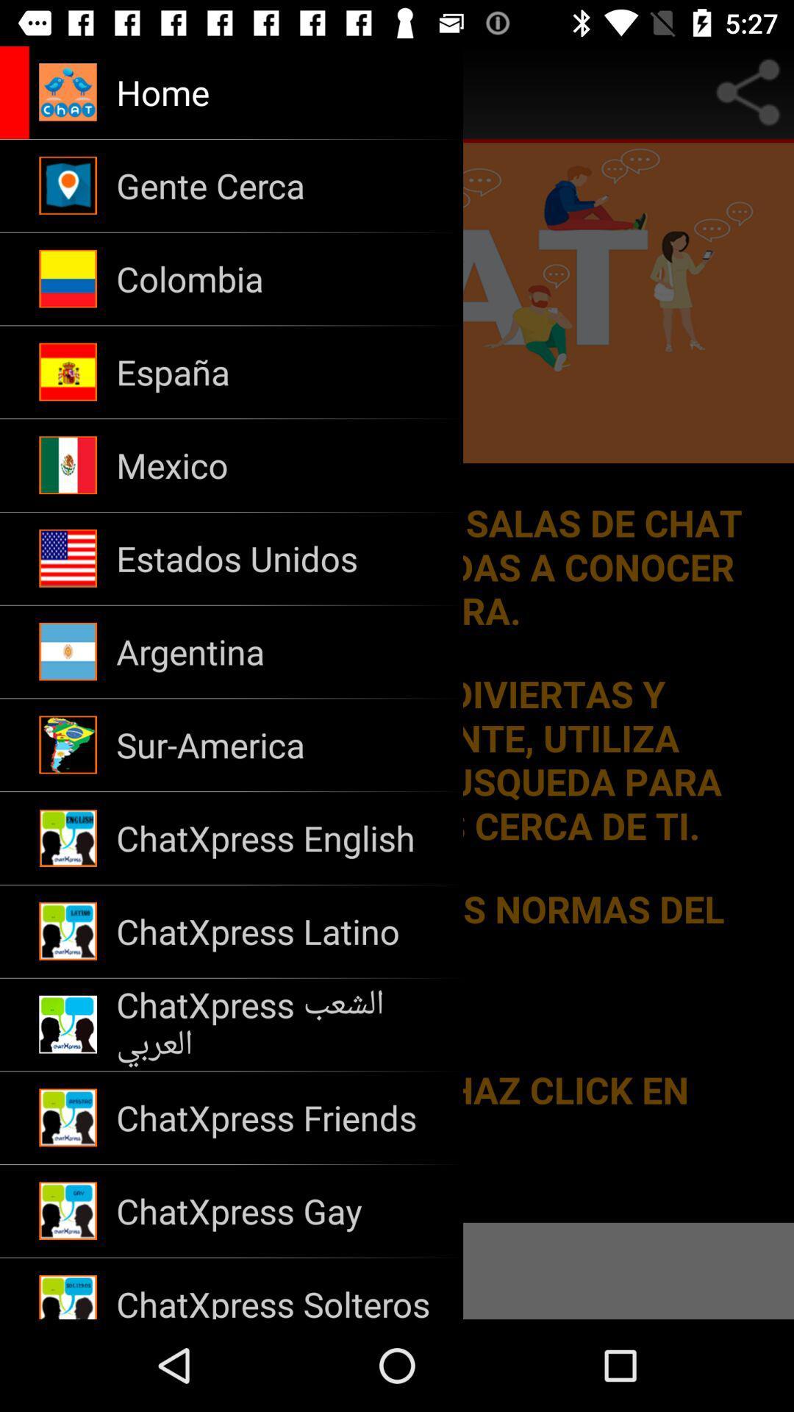  Describe the element at coordinates (748, 91) in the screenshot. I see `share` at that location.